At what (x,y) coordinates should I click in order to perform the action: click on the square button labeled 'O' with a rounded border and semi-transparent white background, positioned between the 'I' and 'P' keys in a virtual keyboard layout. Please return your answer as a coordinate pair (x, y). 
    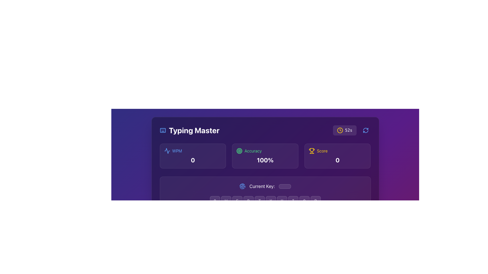
    Looking at the image, I should click on (304, 201).